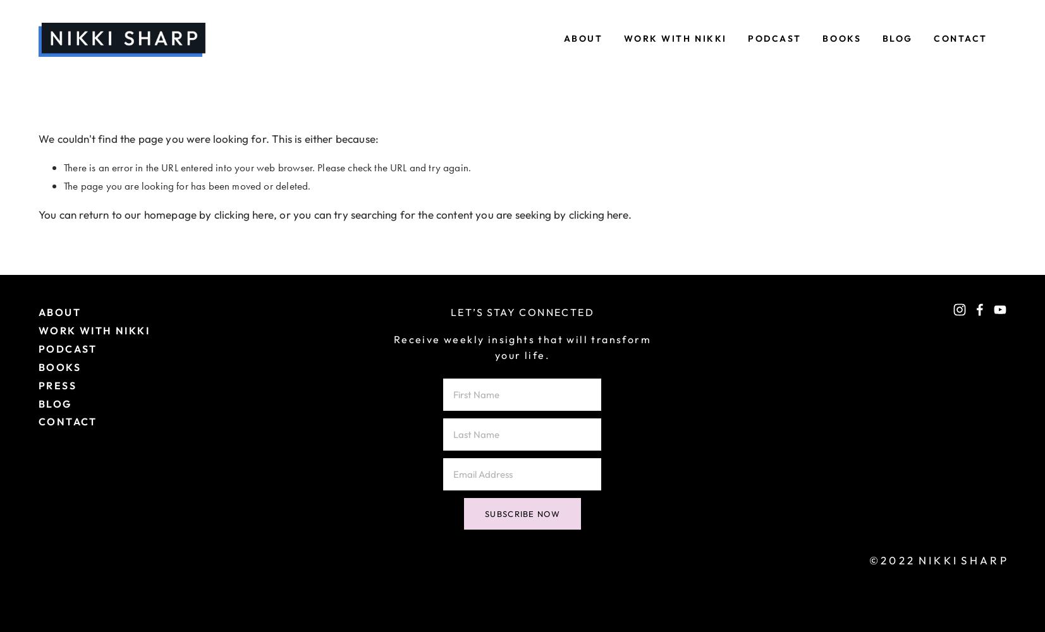  Describe the element at coordinates (841, 38) in the screenshot. I see `'Books'` at that location.